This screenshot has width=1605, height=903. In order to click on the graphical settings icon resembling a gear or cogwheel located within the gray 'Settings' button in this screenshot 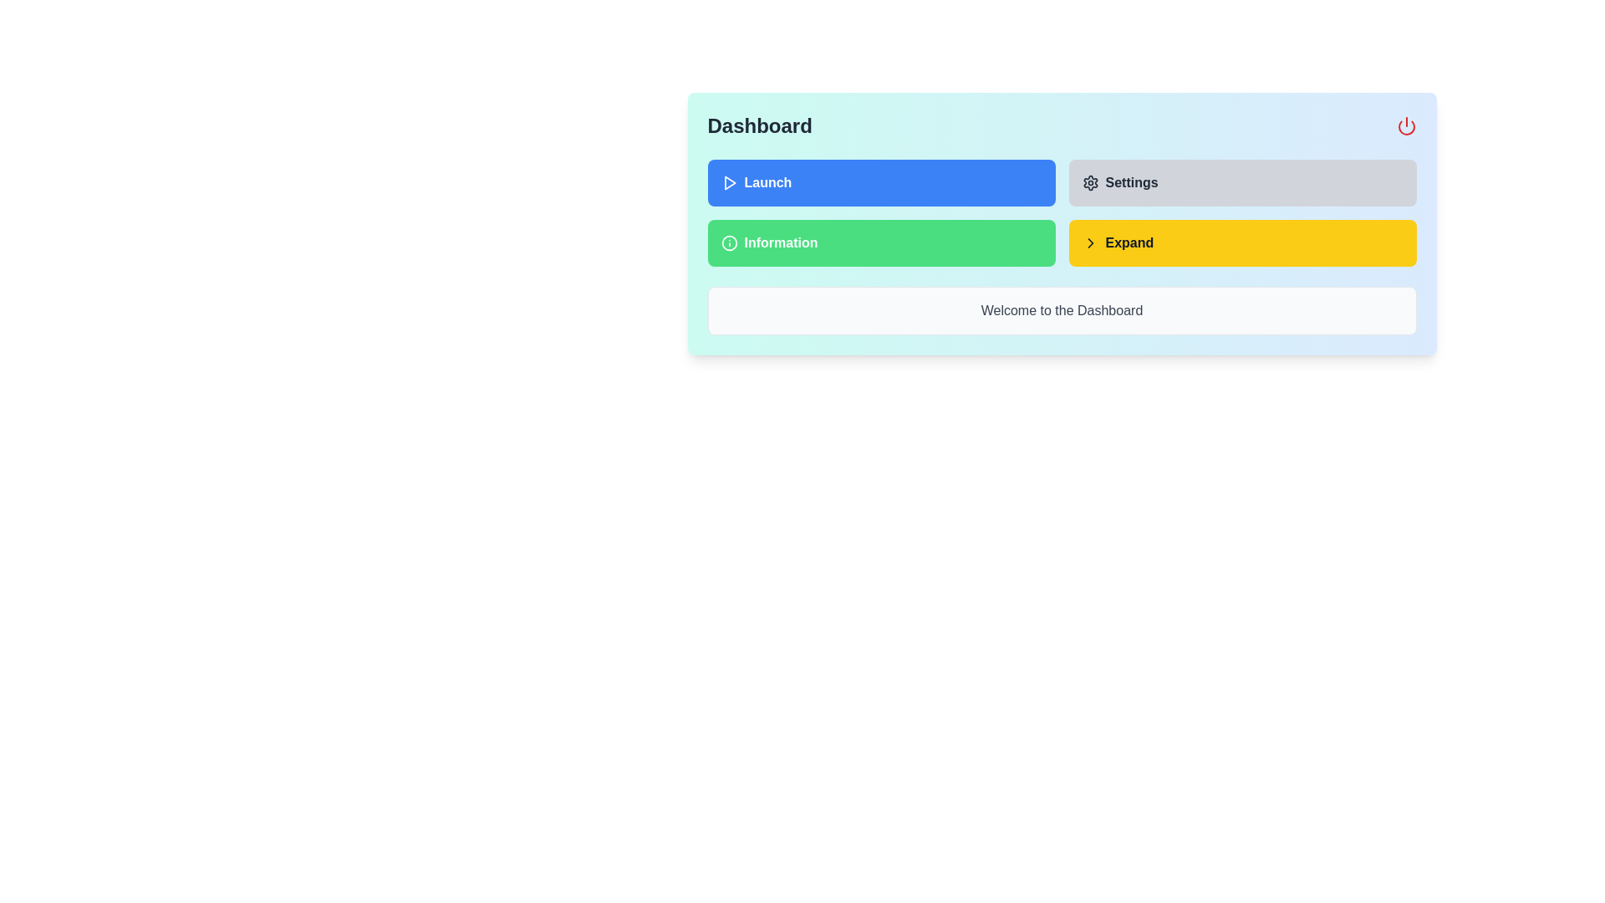, I will do `click(1090, 183)`.